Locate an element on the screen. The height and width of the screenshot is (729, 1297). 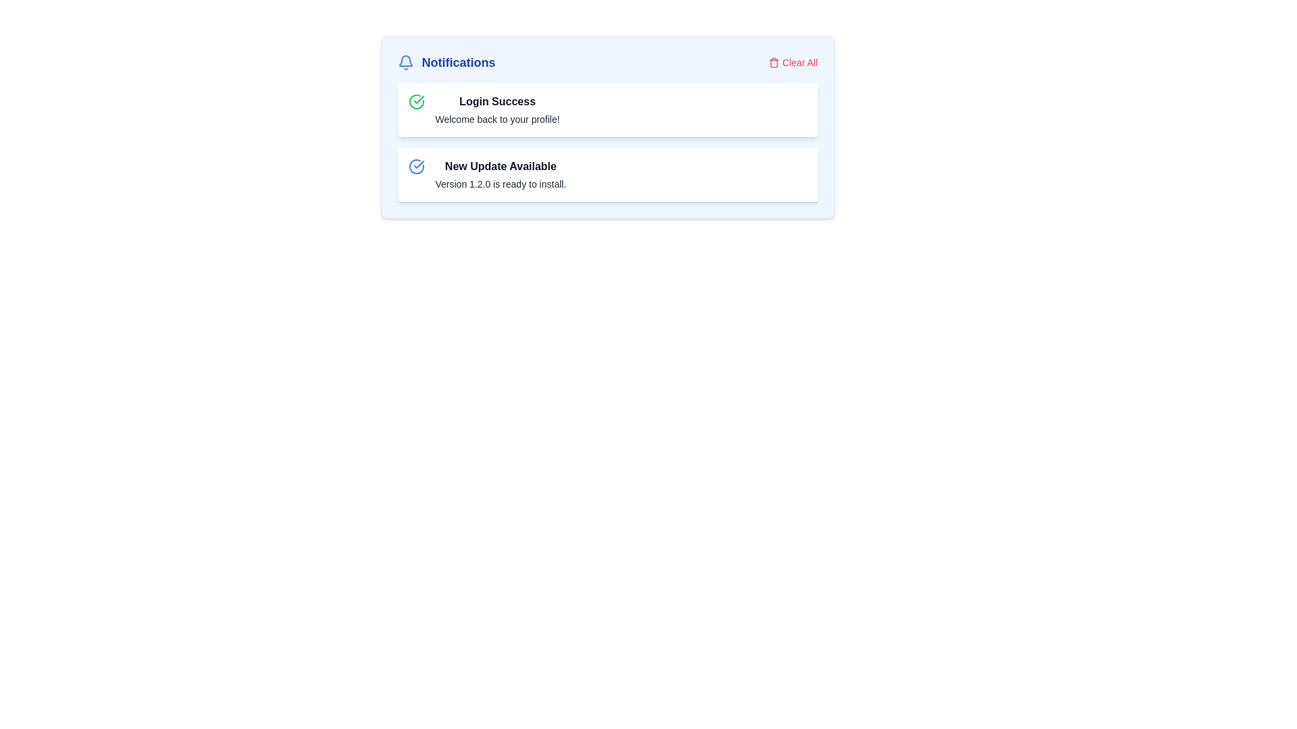
the bold text label reading 'Login Success' in the notifications panel is located at coordinates (497, 101).